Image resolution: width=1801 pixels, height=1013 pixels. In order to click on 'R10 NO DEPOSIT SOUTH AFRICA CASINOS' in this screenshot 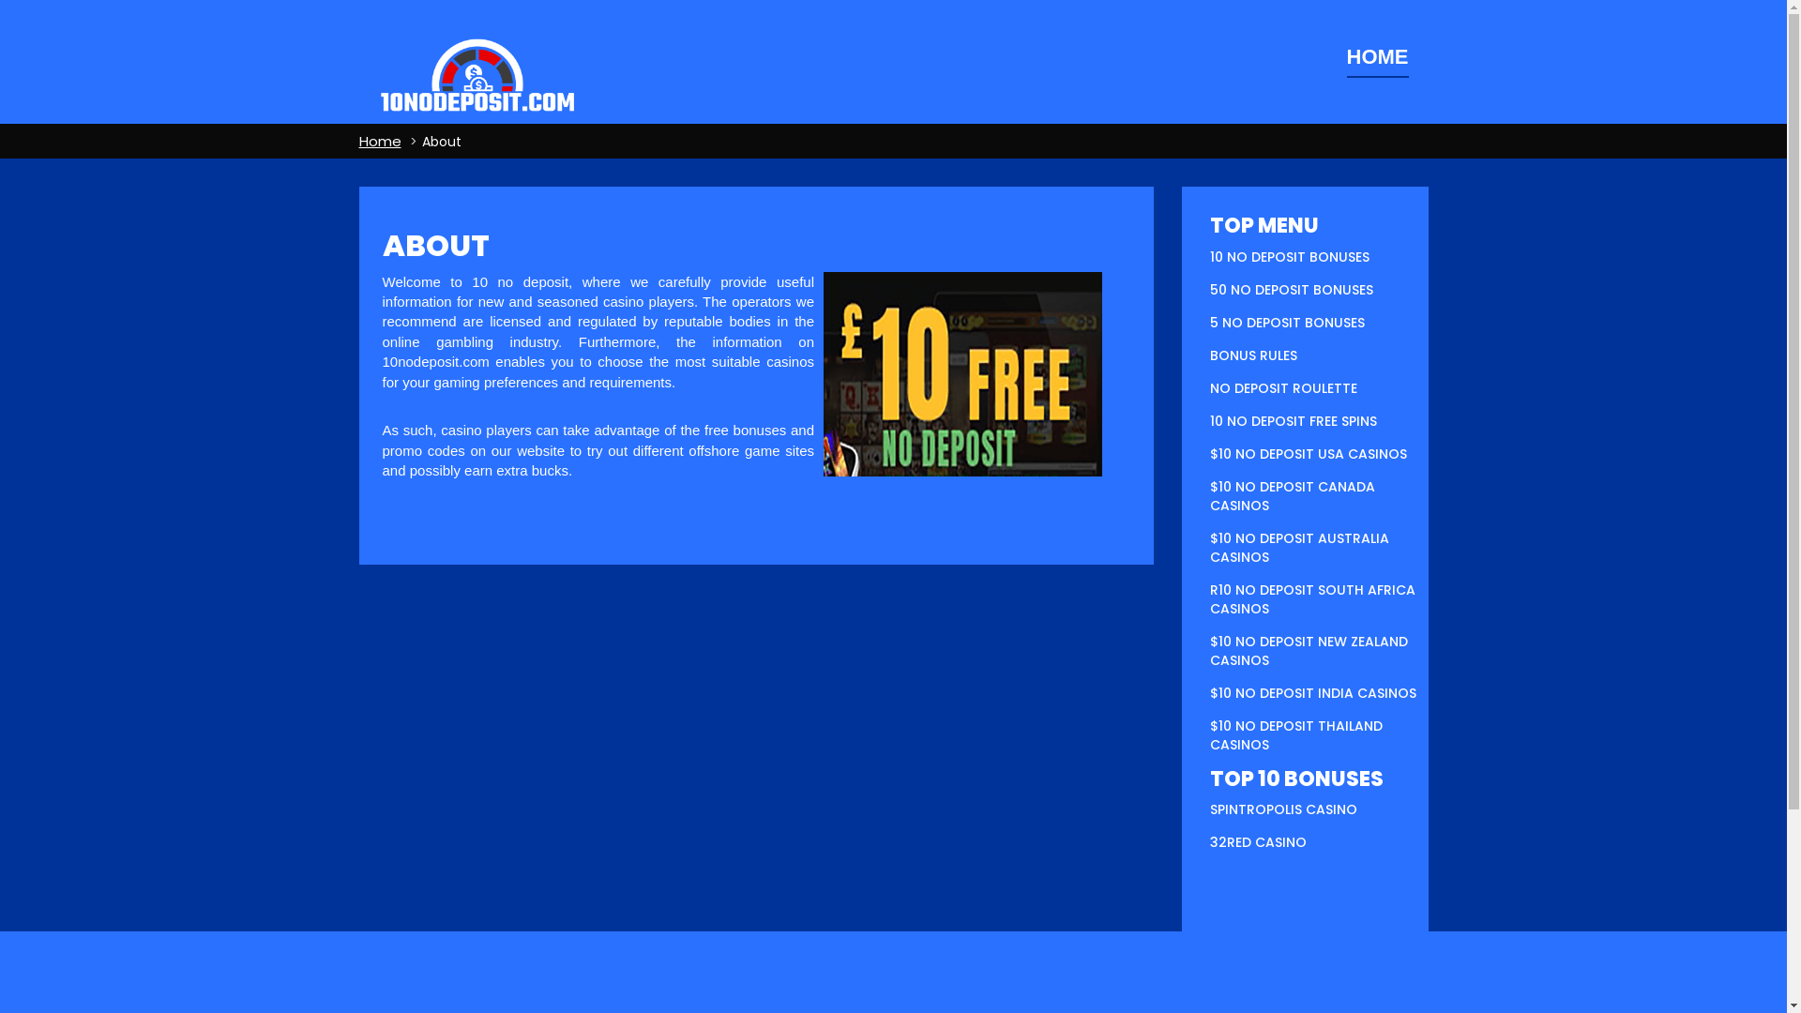, I will do `click(1210, 599)`.